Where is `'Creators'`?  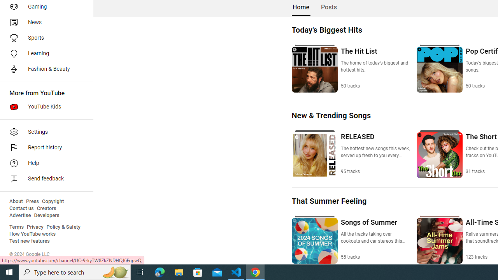
'Creators' is located at coordinates (46, 208).